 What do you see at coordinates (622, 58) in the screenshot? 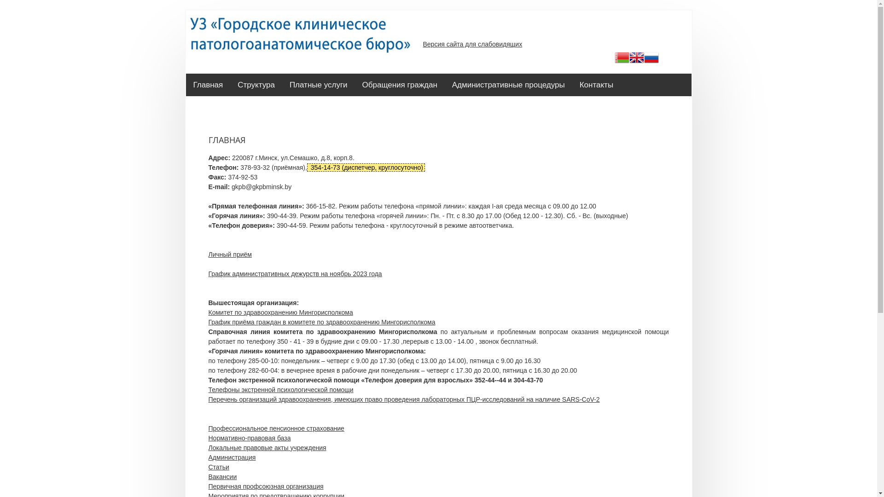
I see `'Belarusian'` at bounding box center [622, 58].